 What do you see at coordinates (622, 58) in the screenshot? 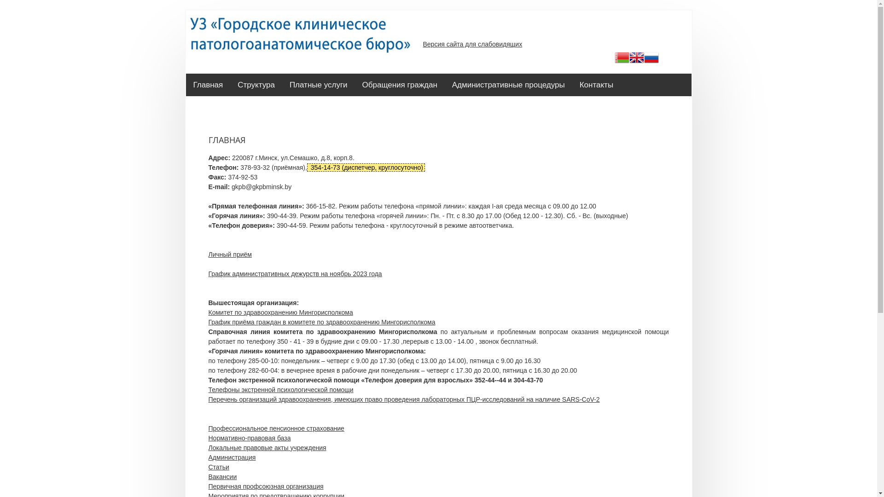
I see `'Belarusian'` at bounding box center [622, 58].